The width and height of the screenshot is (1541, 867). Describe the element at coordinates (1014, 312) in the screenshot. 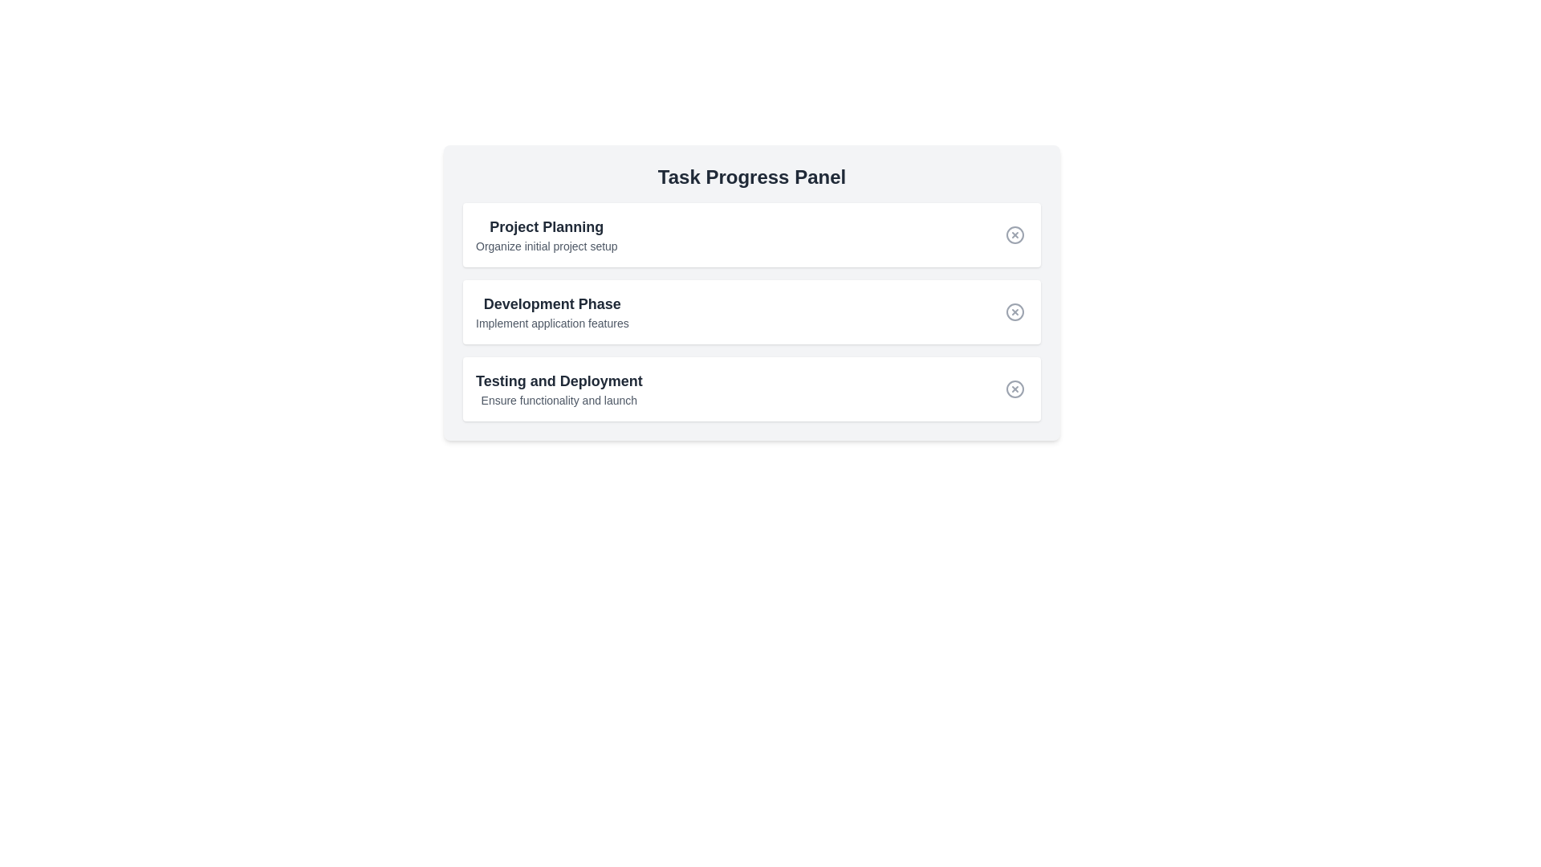

I see `the circular decorative element of the SVG icon located to the right of the 'Development Phase' label in the second row of the task progress panel` at that location.